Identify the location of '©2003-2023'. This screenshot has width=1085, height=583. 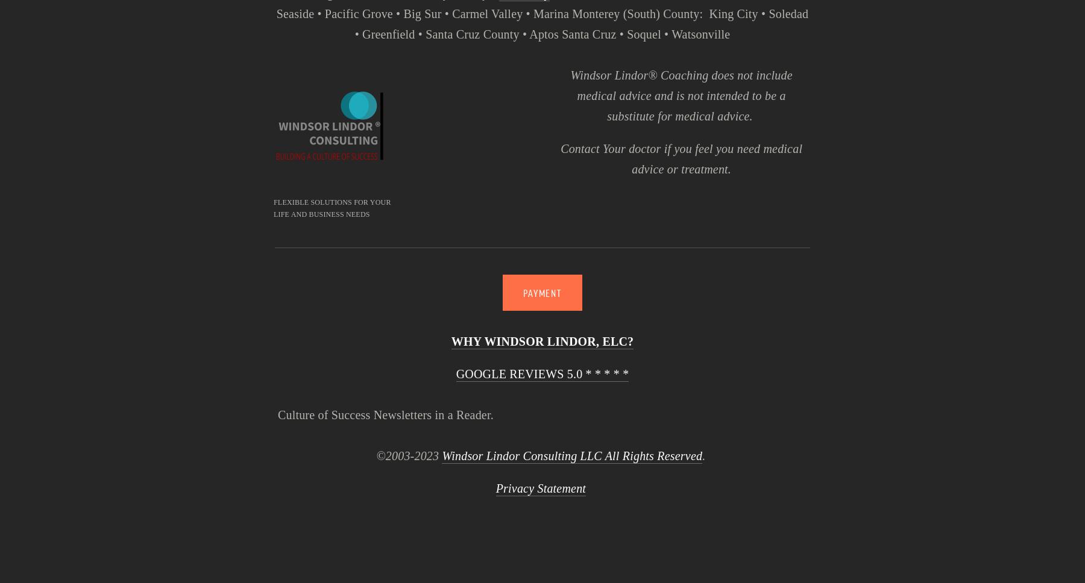
(408, 455).